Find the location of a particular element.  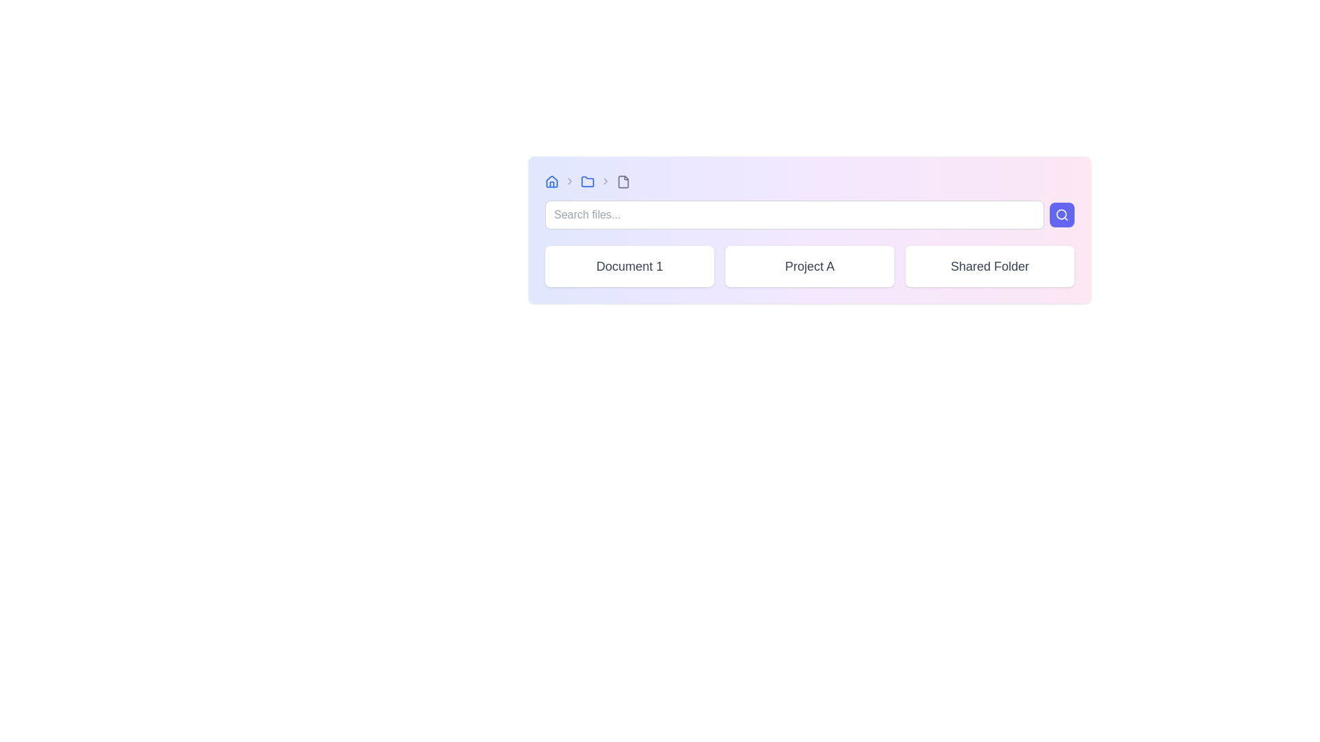

the gray document icon with a folded corner located is located at coordinates (623, 180).